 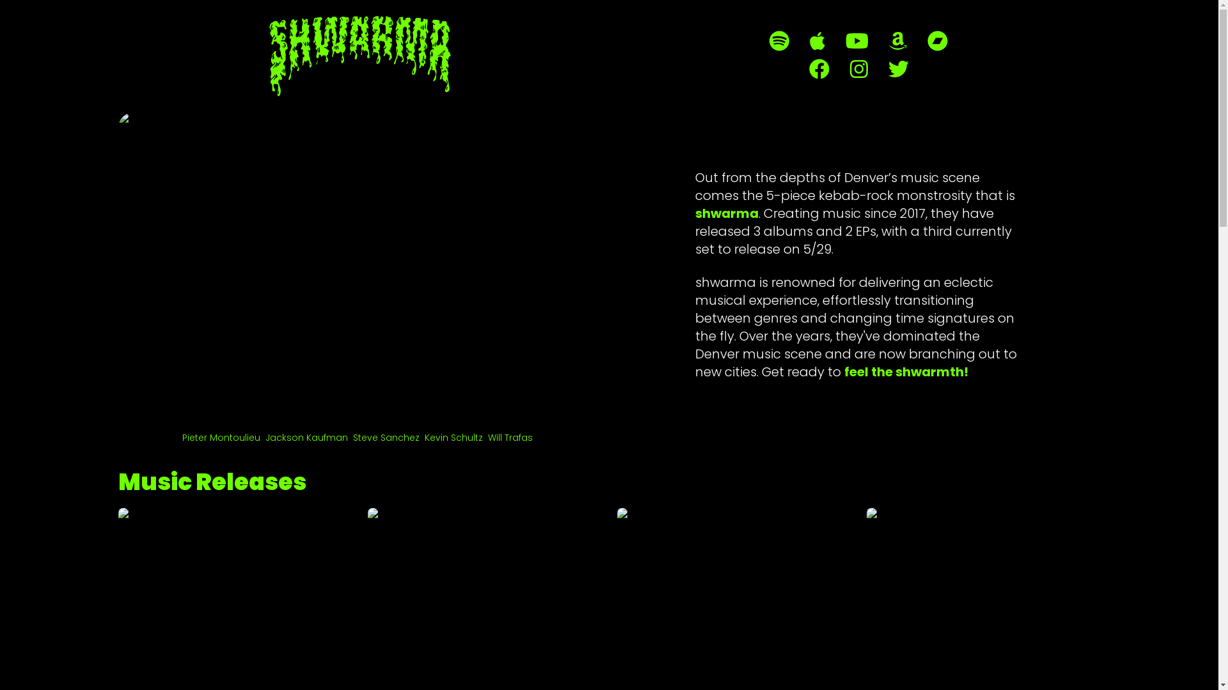 I want to click on 'Twitter', so click(x=897, y=69).